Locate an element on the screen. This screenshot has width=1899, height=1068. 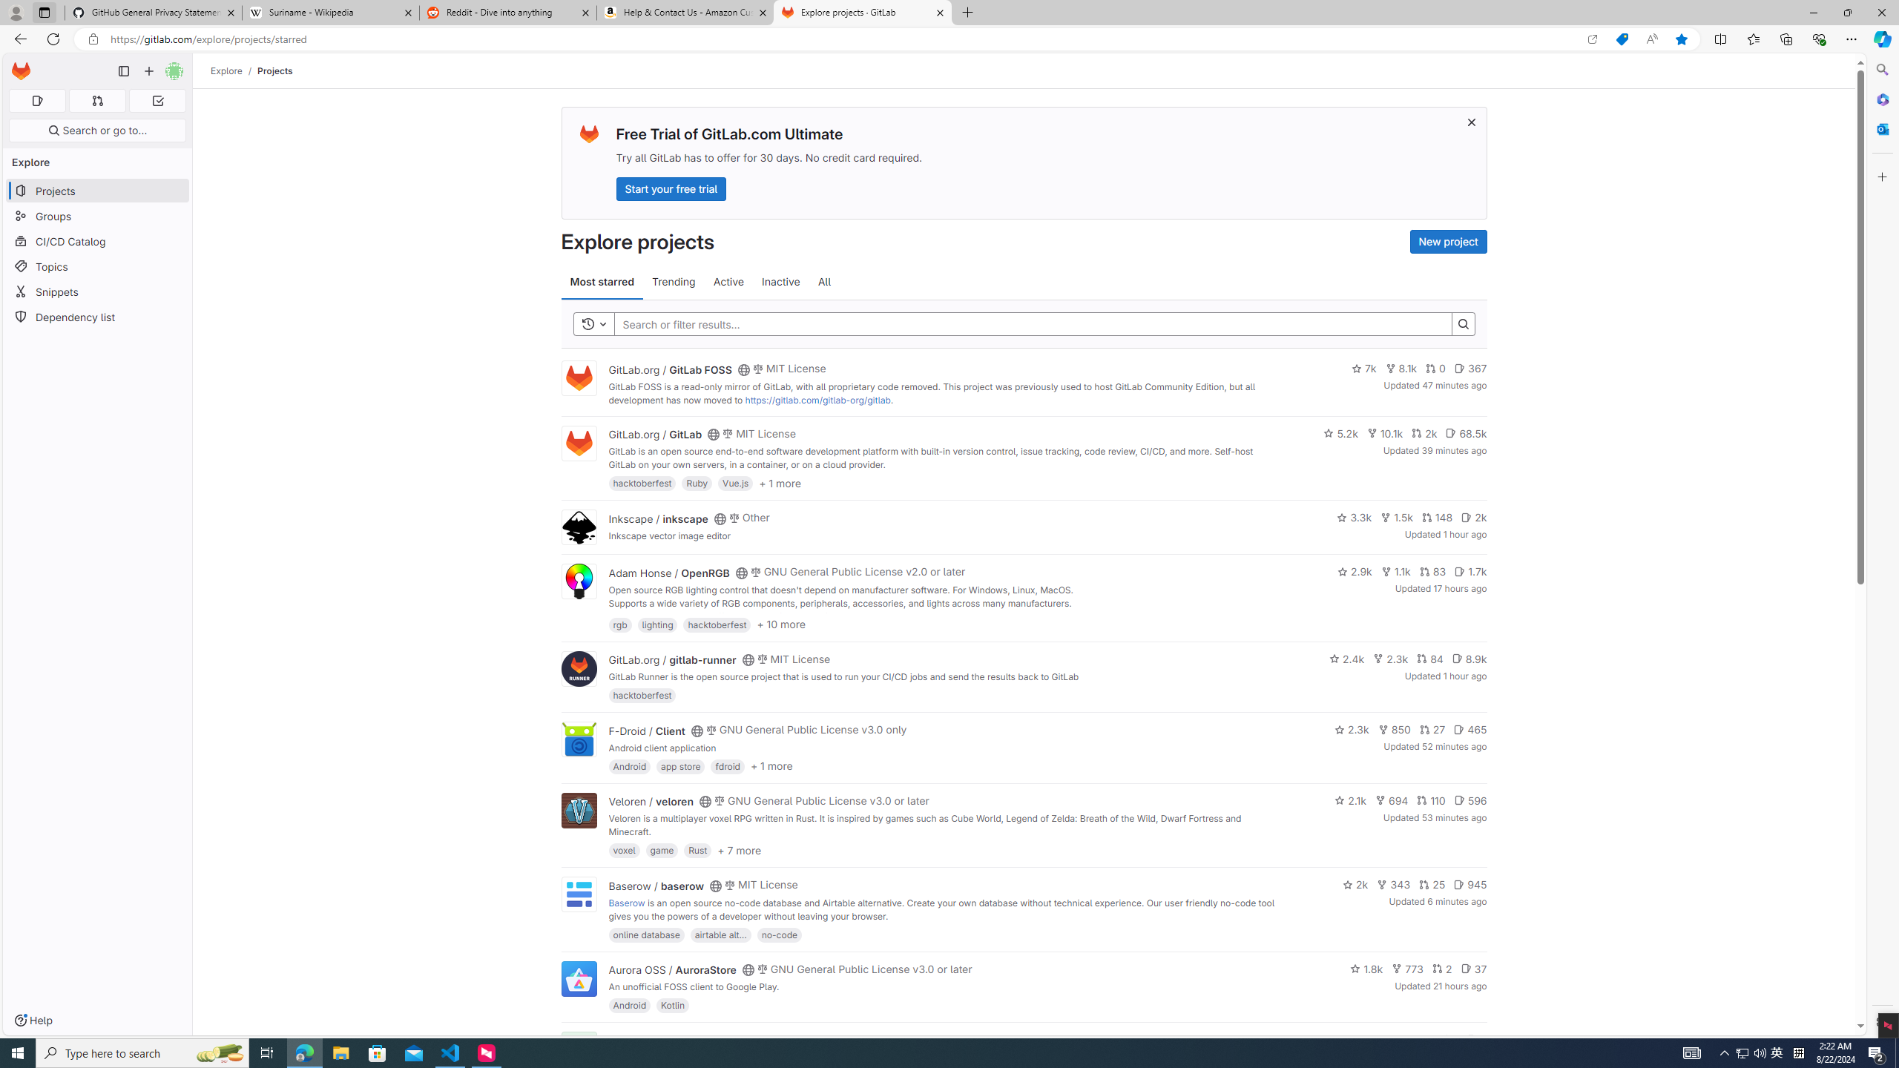
'https://gitlab.com/gitlab-org/gitlab' is located at coordinates (817, 400).